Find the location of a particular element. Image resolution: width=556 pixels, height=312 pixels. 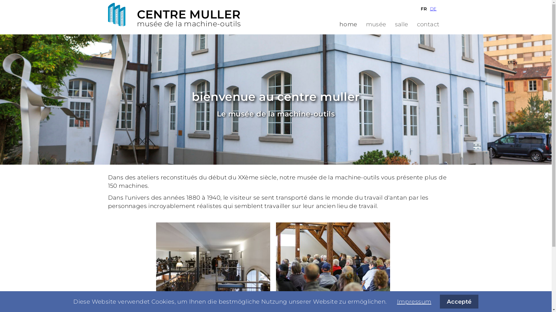

'DE' is located at coordinates (430, 9).